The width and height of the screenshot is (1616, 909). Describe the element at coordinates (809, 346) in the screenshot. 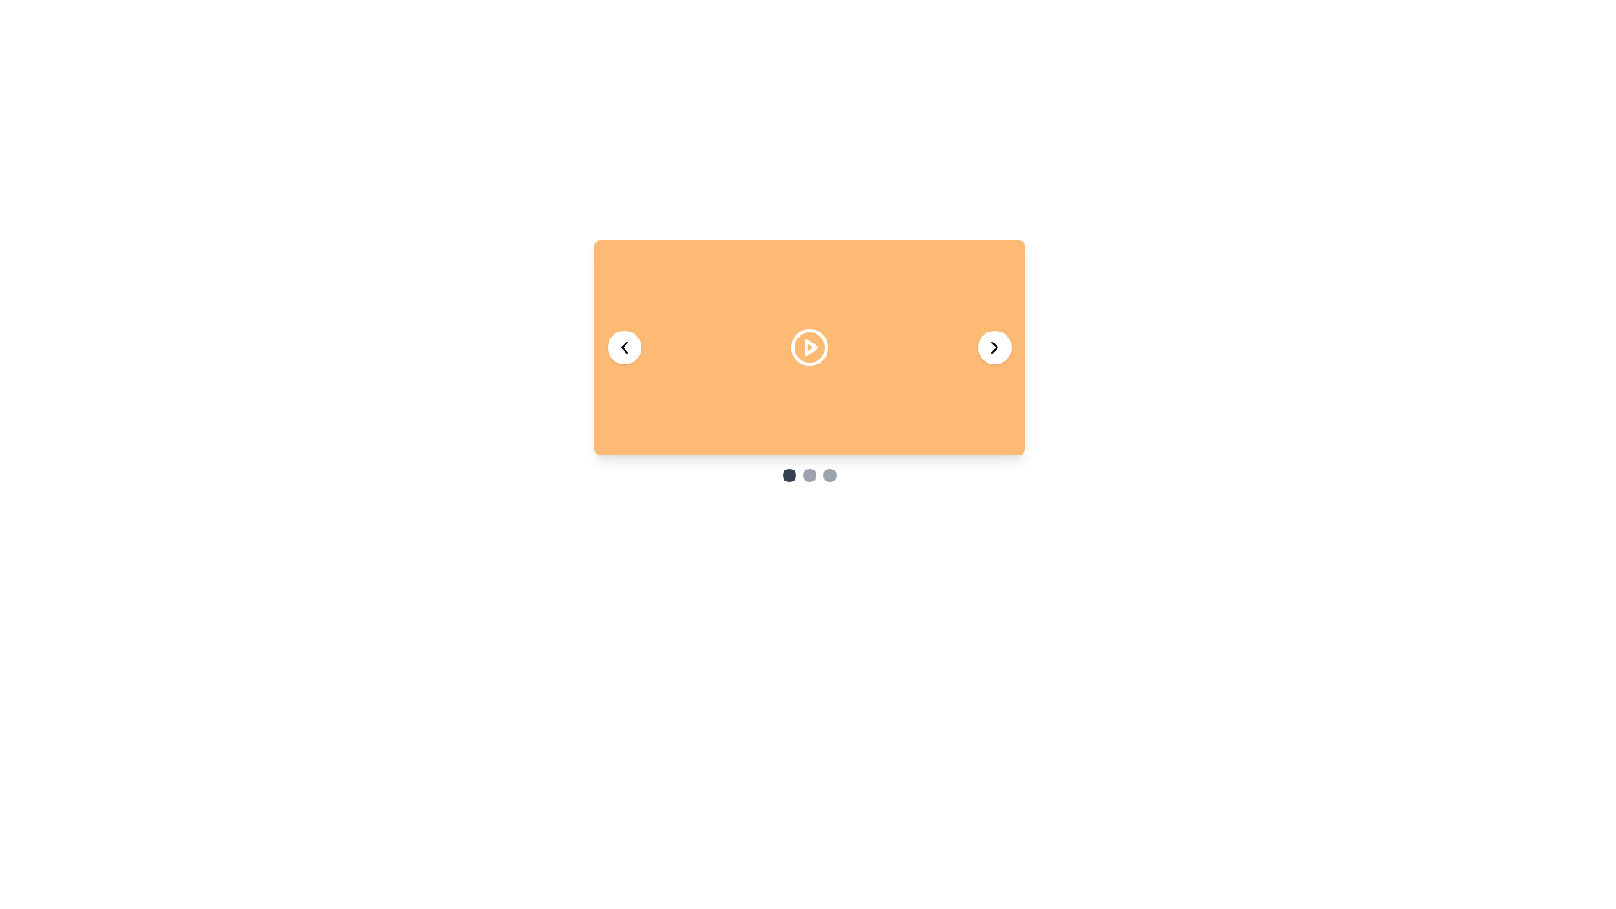

I see `the outermost circular SVG element that surrounds the triangular play icon within the orange content card` at that location.